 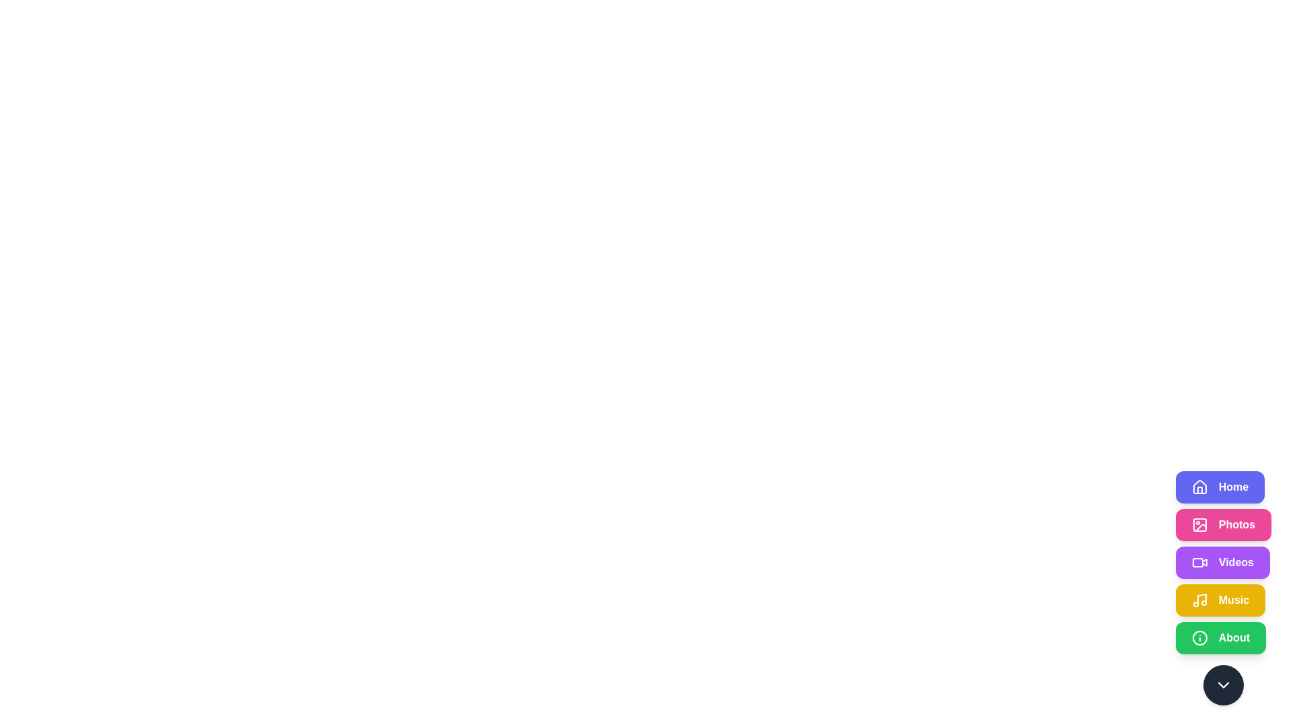 I want to click on the button corresponding to the section Music, so click(x=1220, y=599).